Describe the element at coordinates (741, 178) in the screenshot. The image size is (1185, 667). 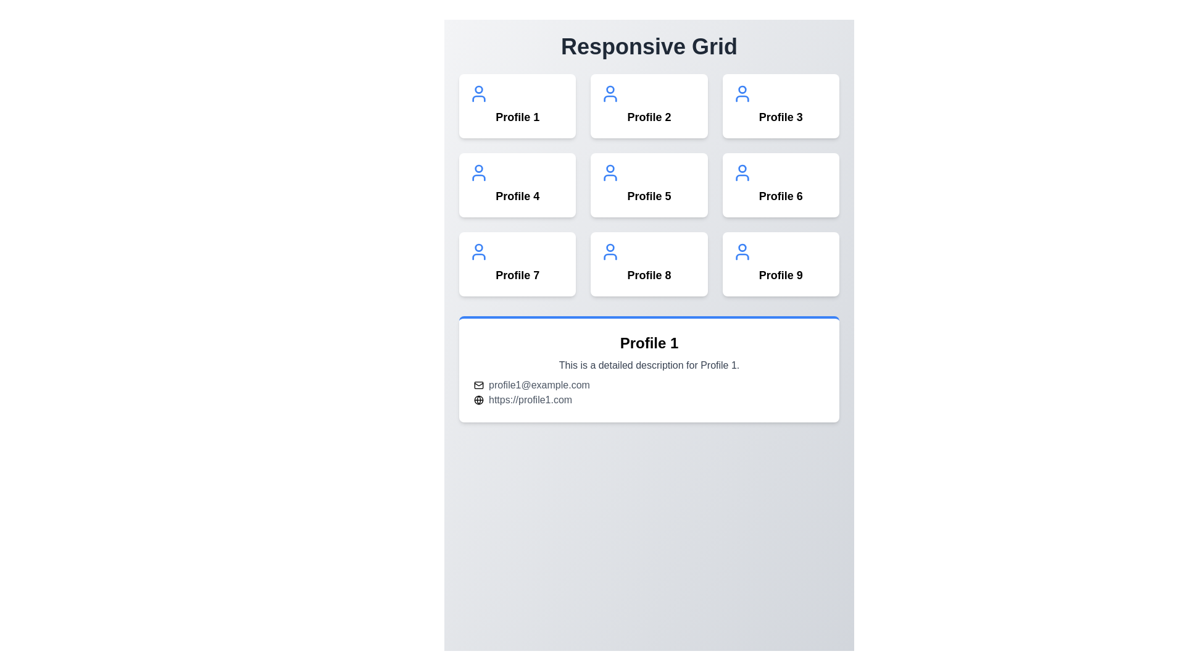
I see `the curved bottom section of the user profile icon in the 'Profile 6' card, which is the sixth card in a 3x3 grid of profile cards` at that location.